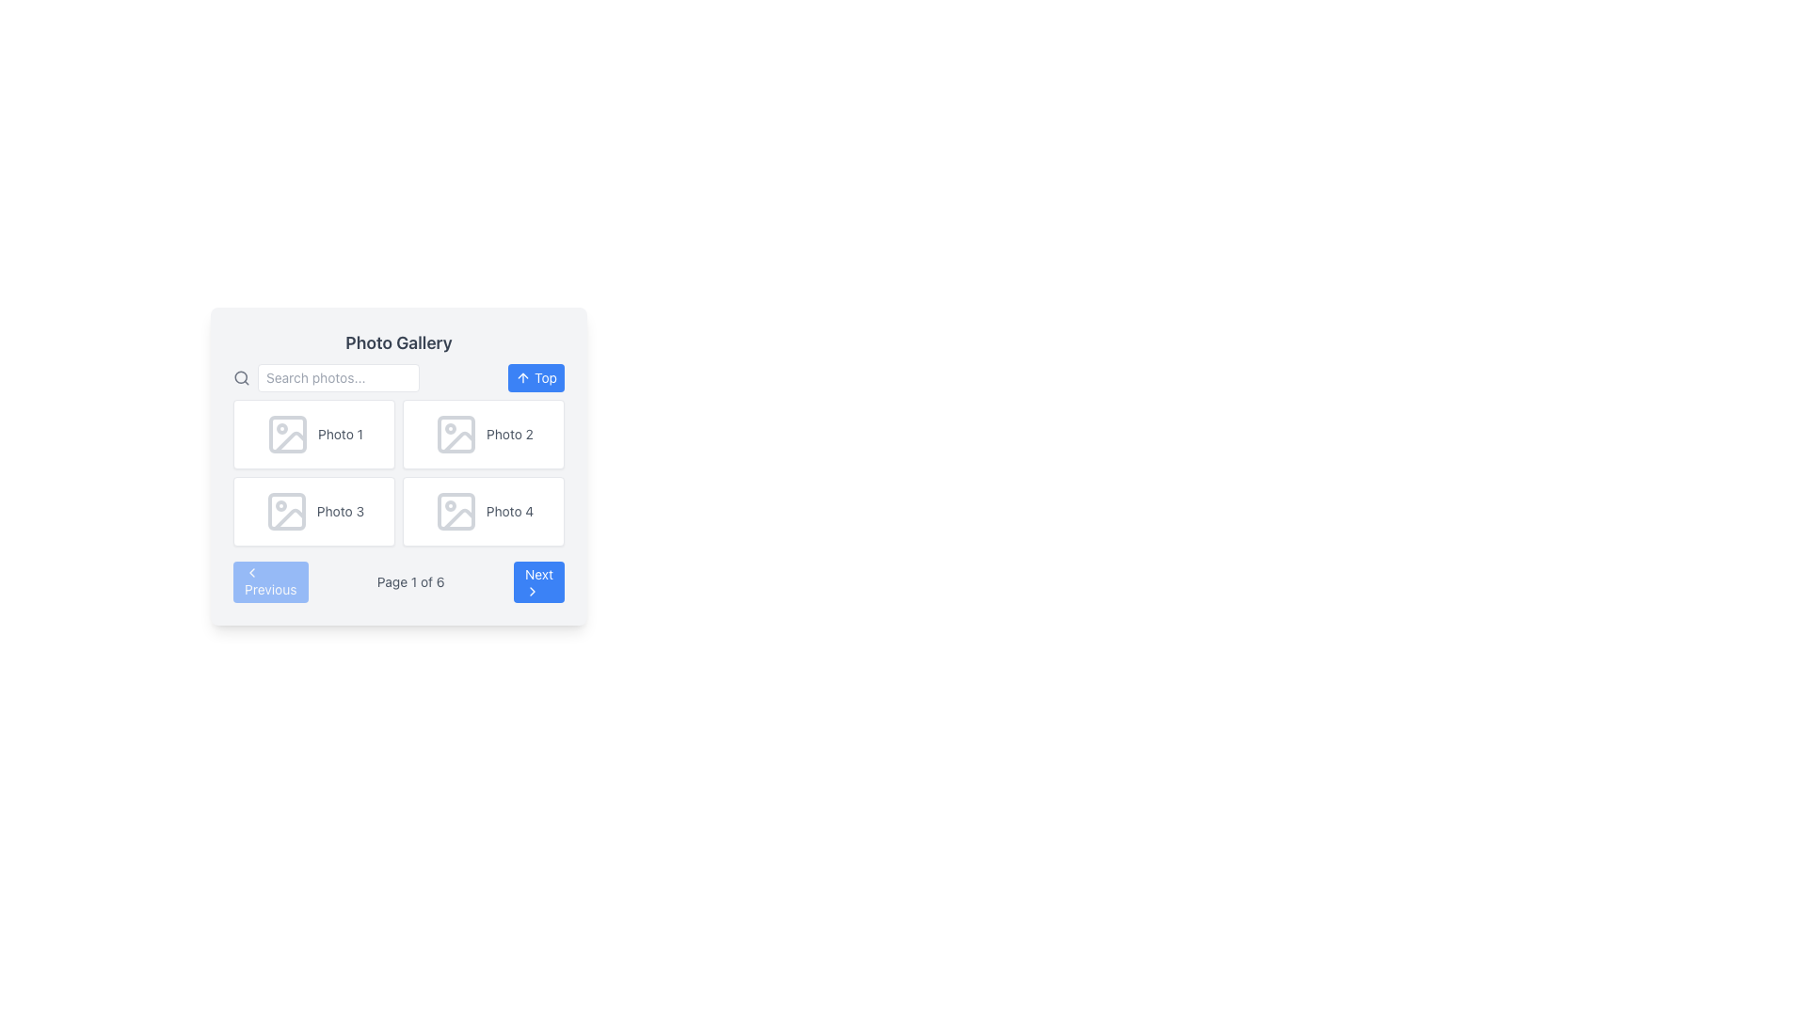 The width and height of the screenshot is (1807, 1016). What do you see at coordinates (483, 435) in the screenshot?
I see `the card labeled 'Photo 2'` at bounding box center [483, 435].